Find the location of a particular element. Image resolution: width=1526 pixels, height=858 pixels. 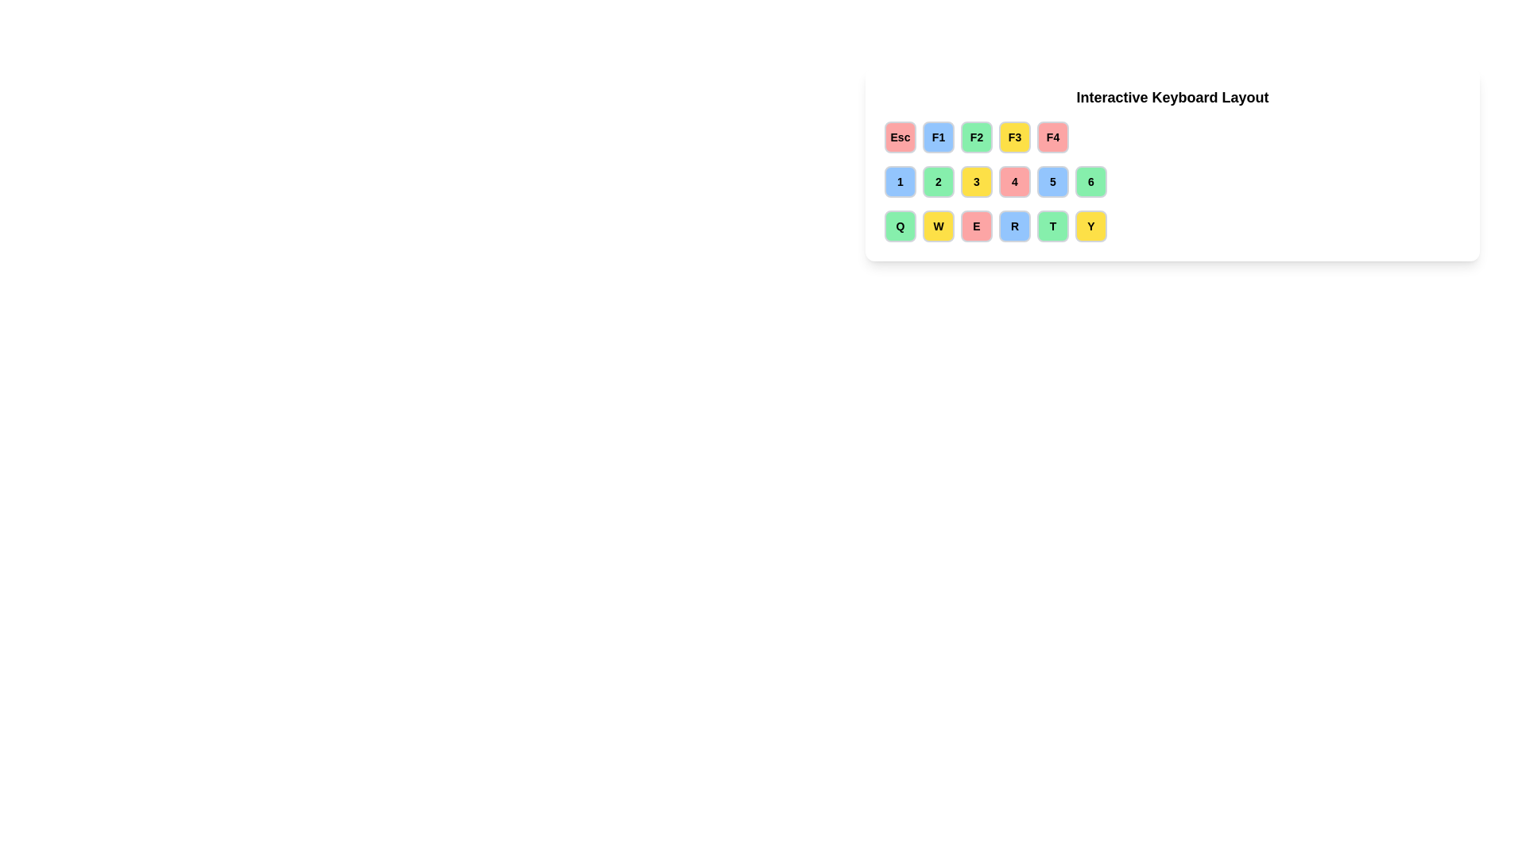

the green square button with a bold black 'Q' in the center, located at the bottom-left of a group of six horizontal buttons is located at coordinates (900, 226).